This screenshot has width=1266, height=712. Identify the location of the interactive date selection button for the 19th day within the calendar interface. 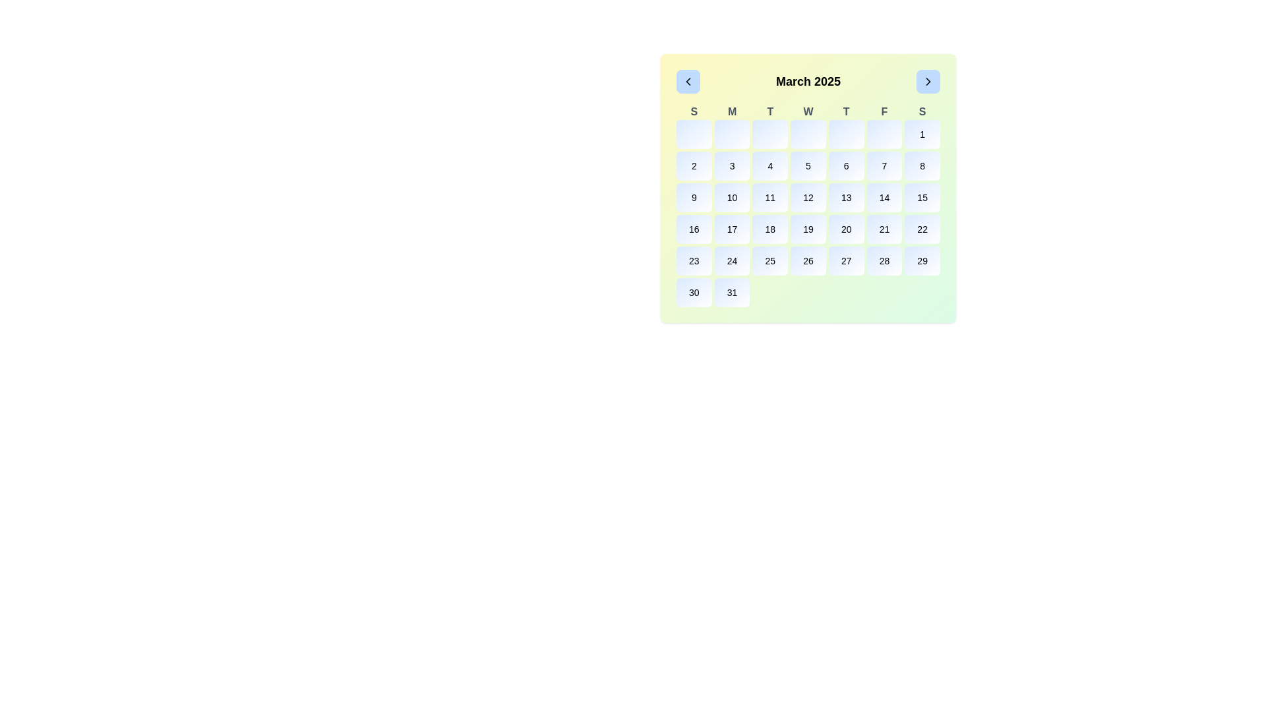
(807, 228).